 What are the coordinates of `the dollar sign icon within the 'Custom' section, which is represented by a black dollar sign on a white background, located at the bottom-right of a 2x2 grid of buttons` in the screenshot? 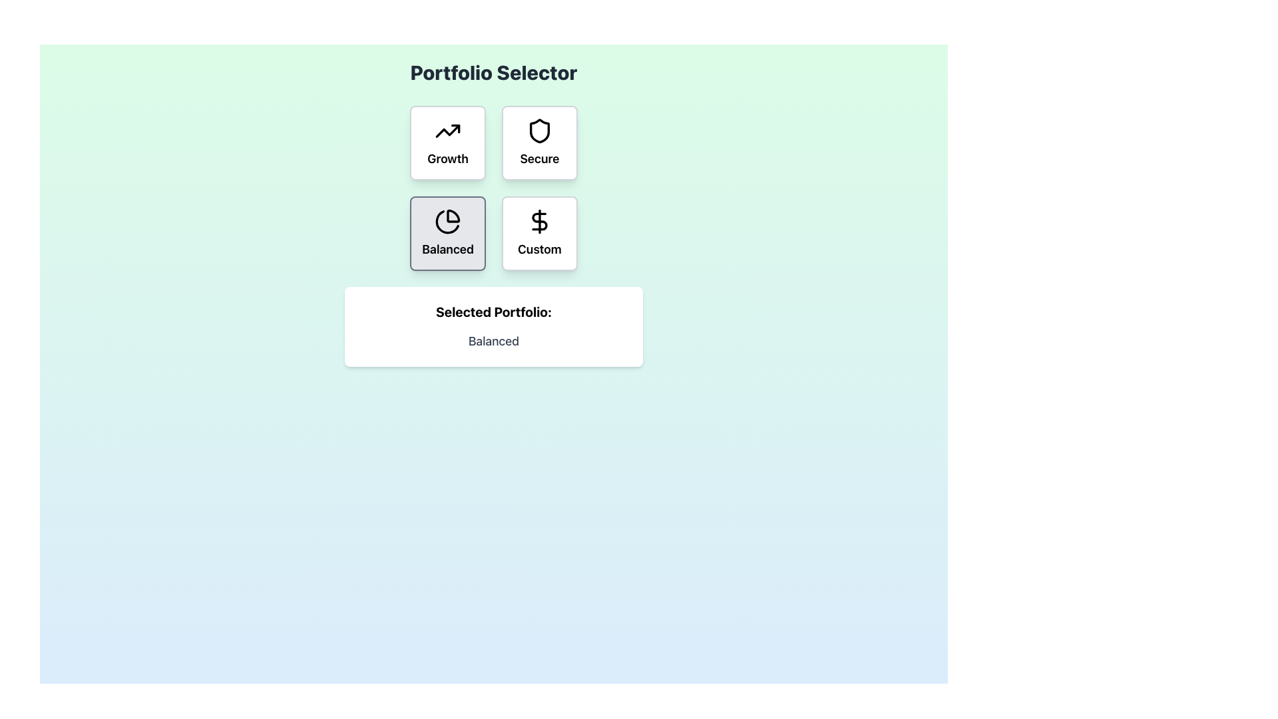 It's located at (539, 220).